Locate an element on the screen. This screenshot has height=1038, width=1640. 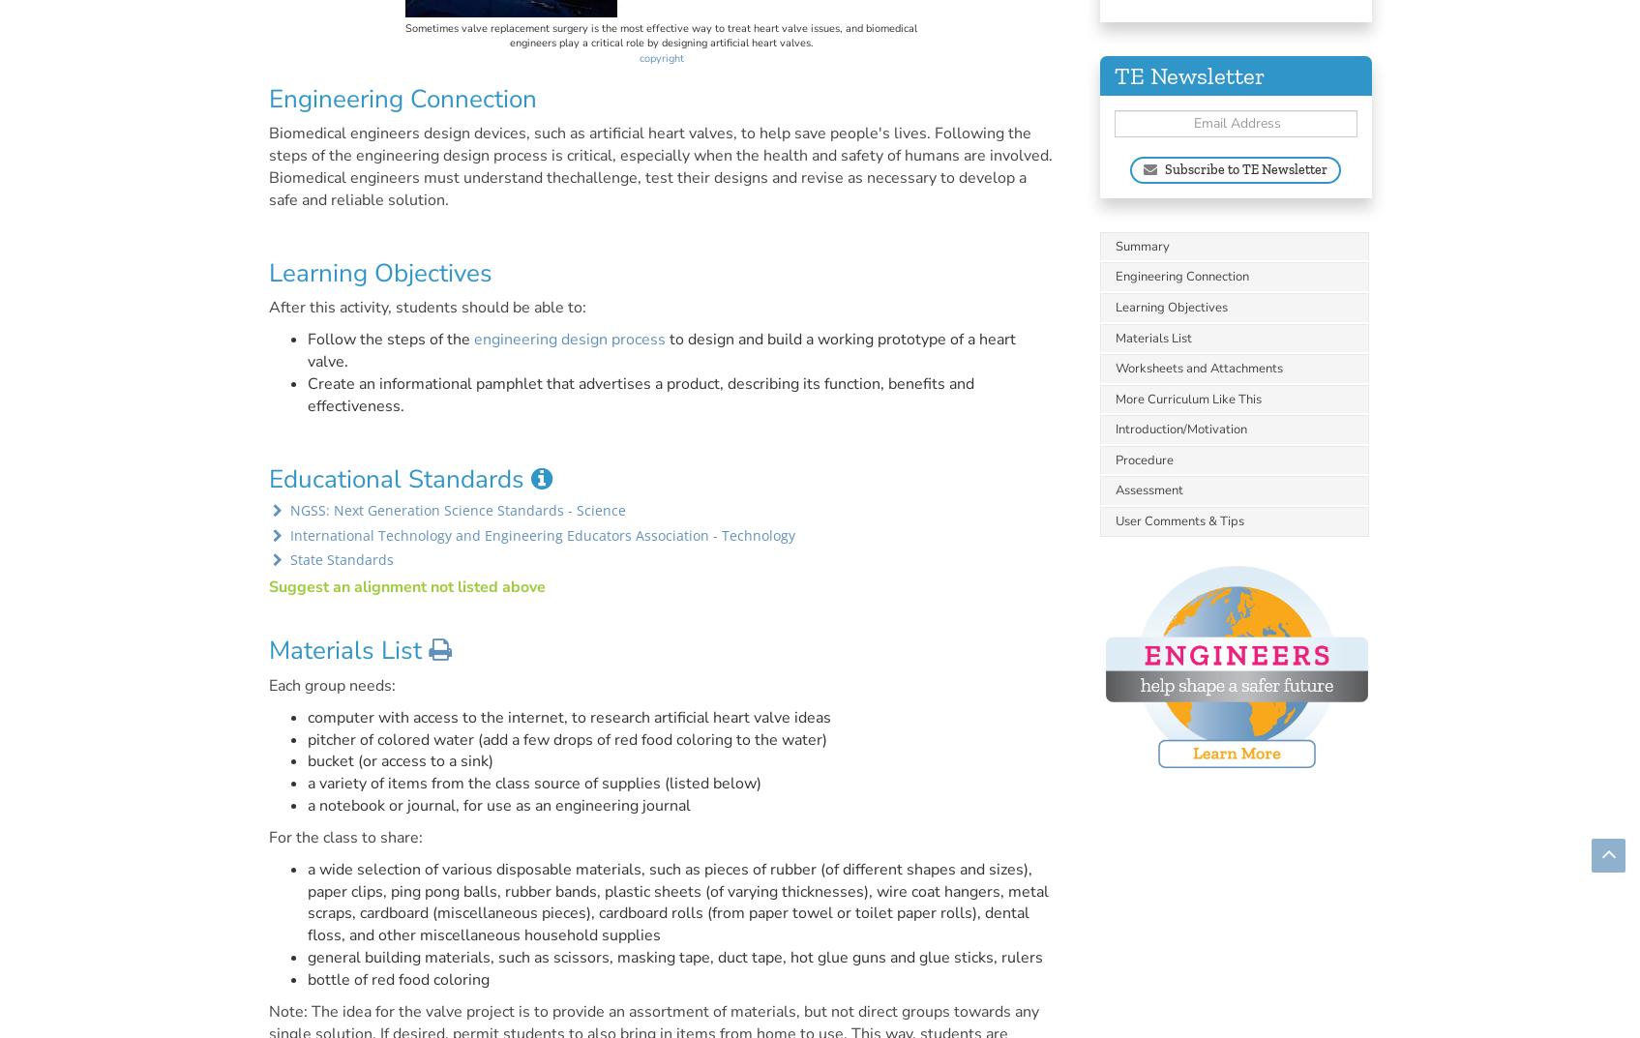
'Summary' is located at coordinates (1114, 244).